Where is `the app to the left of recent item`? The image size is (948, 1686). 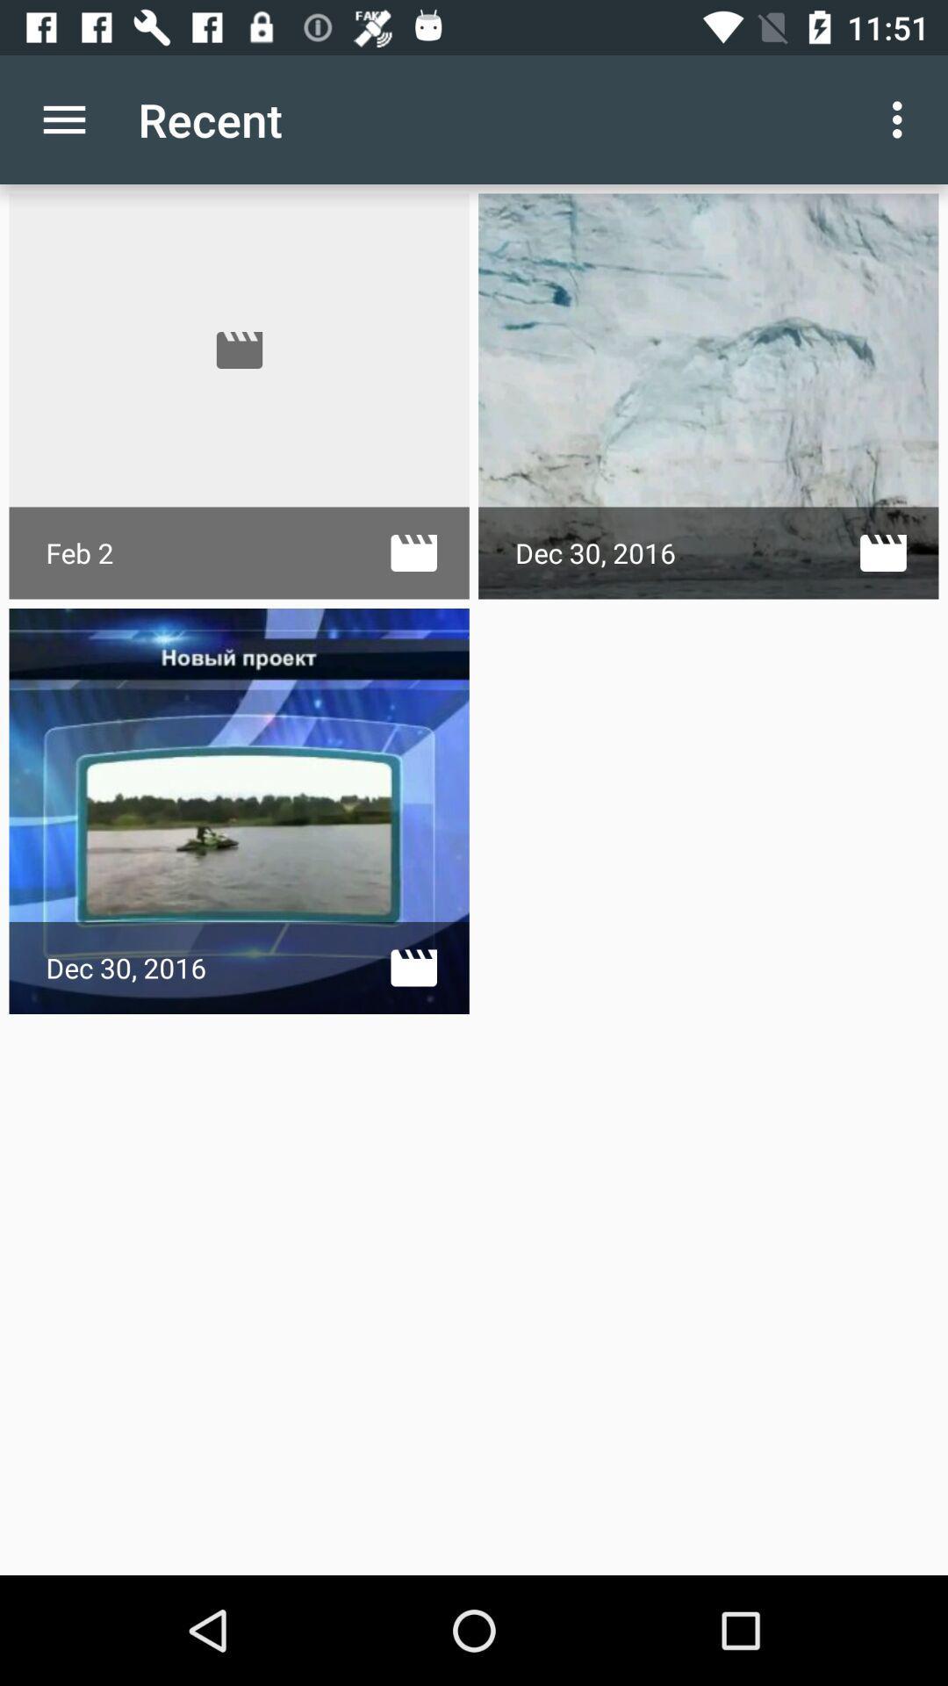
the app to the left of recent item is located at coordinates (63, 119).